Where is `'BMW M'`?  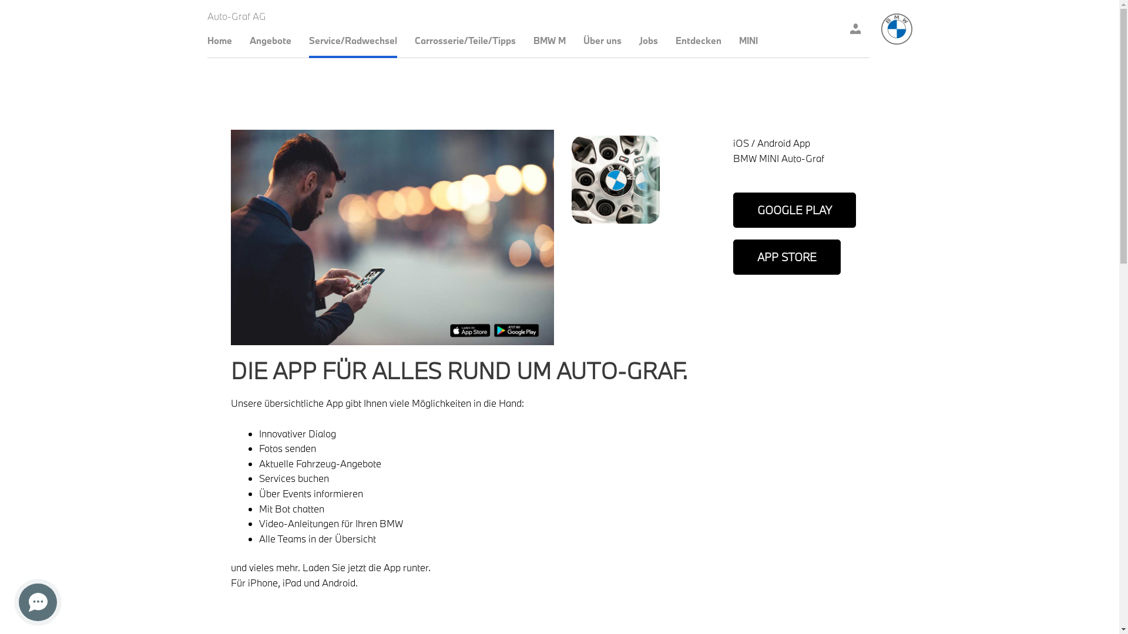
'BMW M' is located at coordinates (532, 39).